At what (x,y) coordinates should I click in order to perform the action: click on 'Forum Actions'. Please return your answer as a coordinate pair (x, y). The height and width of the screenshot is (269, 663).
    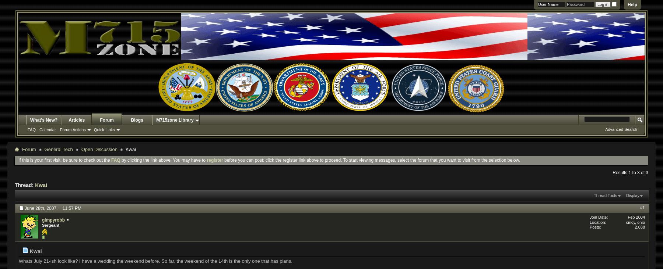
    Looking at the image, I should click on (72, 129).